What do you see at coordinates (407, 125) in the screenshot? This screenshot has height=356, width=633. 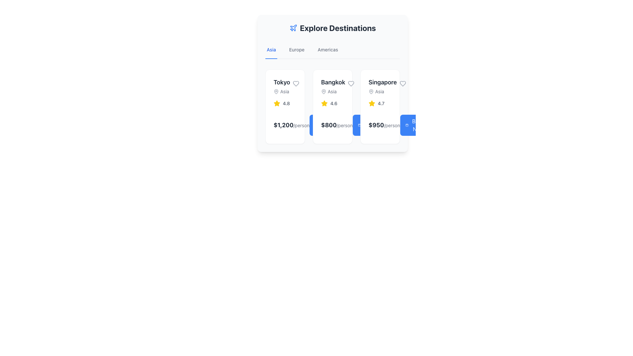 I see `the calendar icon associated with the 'Book Now' button to initiate the booking process` at bounding box center [407, 125].